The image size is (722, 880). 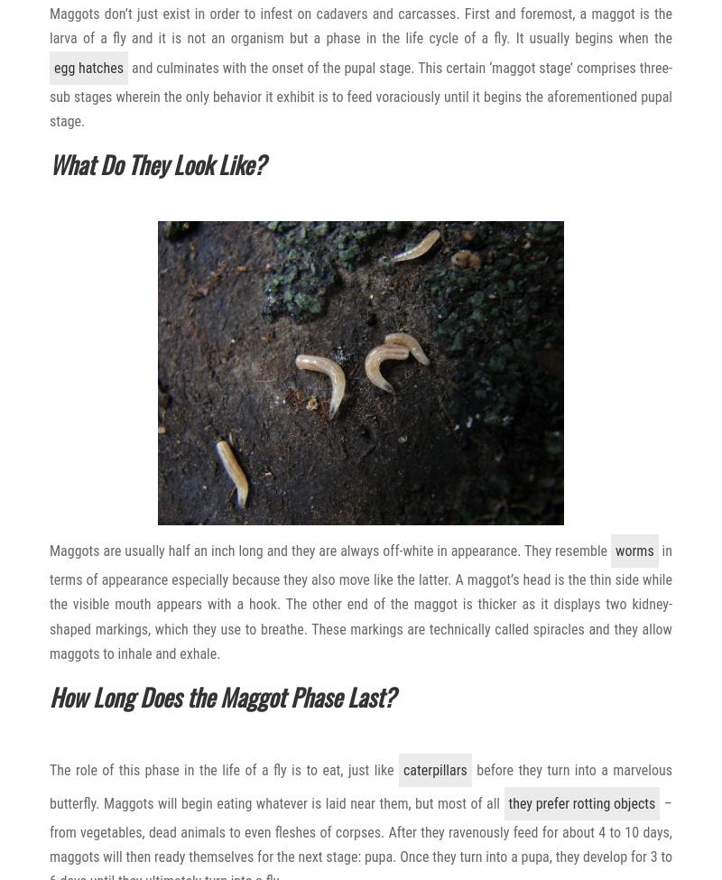 What do you see at coordinates (156, 163) in the screenshot?
I see `'What Do They Look Like?'` at bounding box center [156, 163].